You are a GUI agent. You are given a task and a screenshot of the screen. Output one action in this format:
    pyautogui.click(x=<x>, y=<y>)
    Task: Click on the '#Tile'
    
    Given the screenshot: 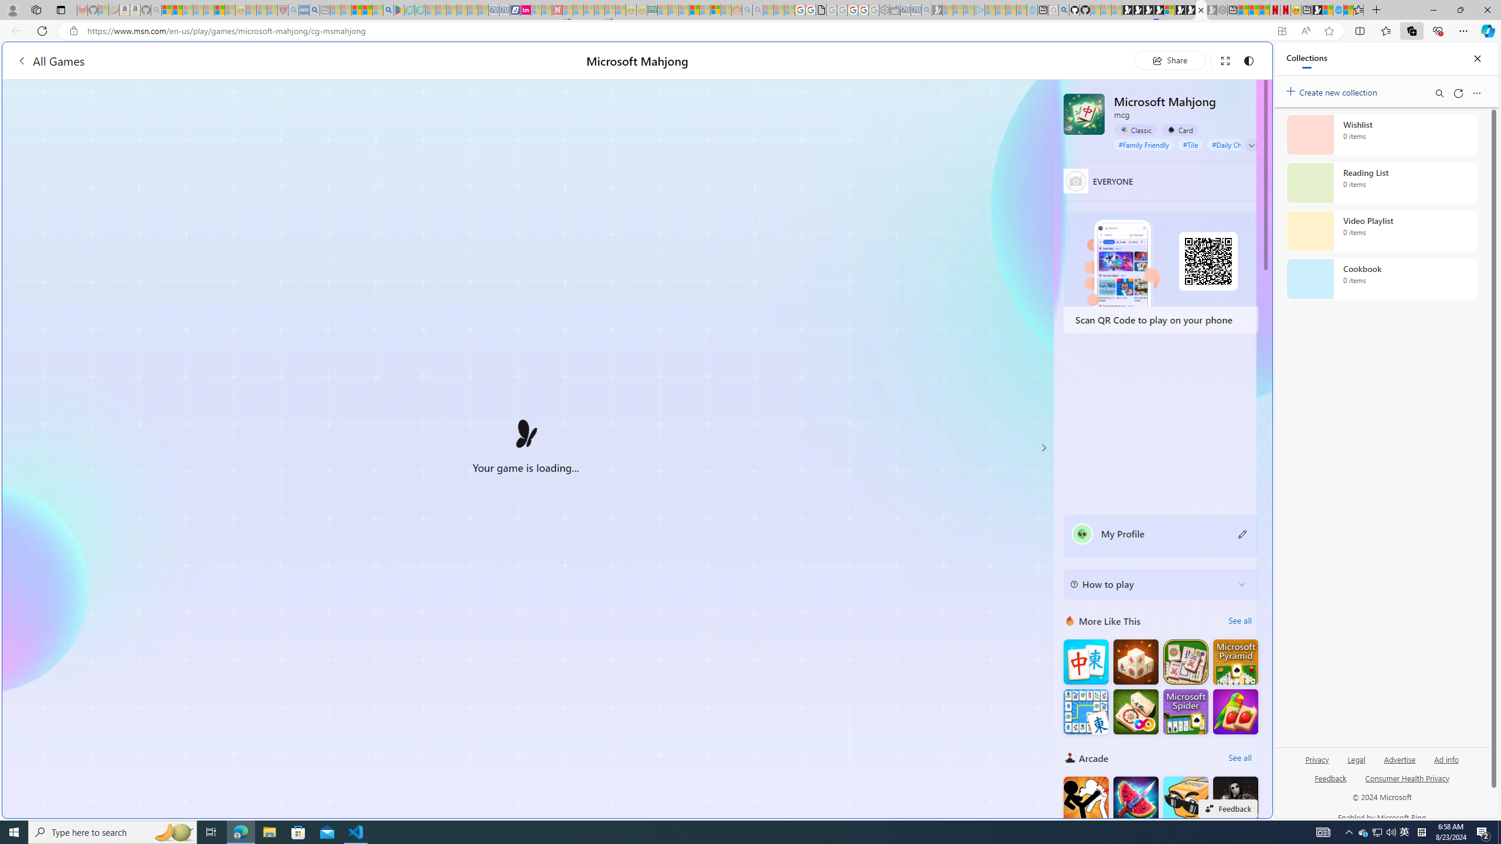 What is the action you would take?
    pyautogui.click(x=1190, y=144)
    